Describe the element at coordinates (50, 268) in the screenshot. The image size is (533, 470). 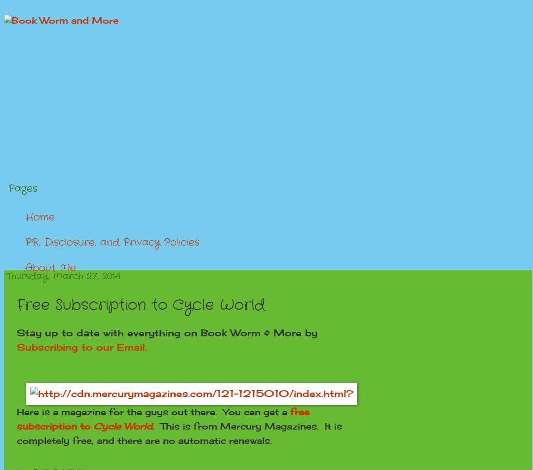
I see `'About Me'` at that location.